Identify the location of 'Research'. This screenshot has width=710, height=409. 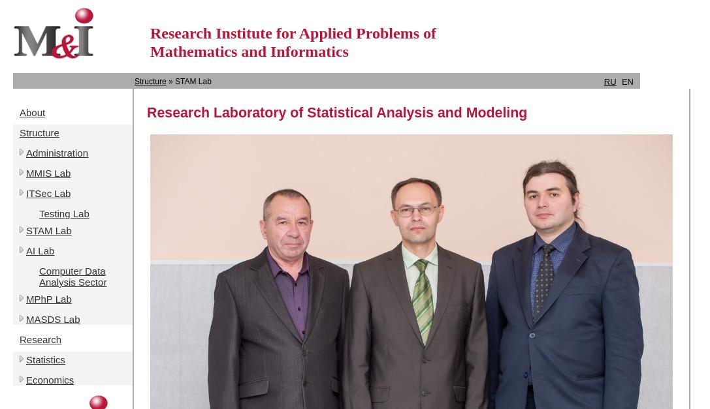
(40, 339).